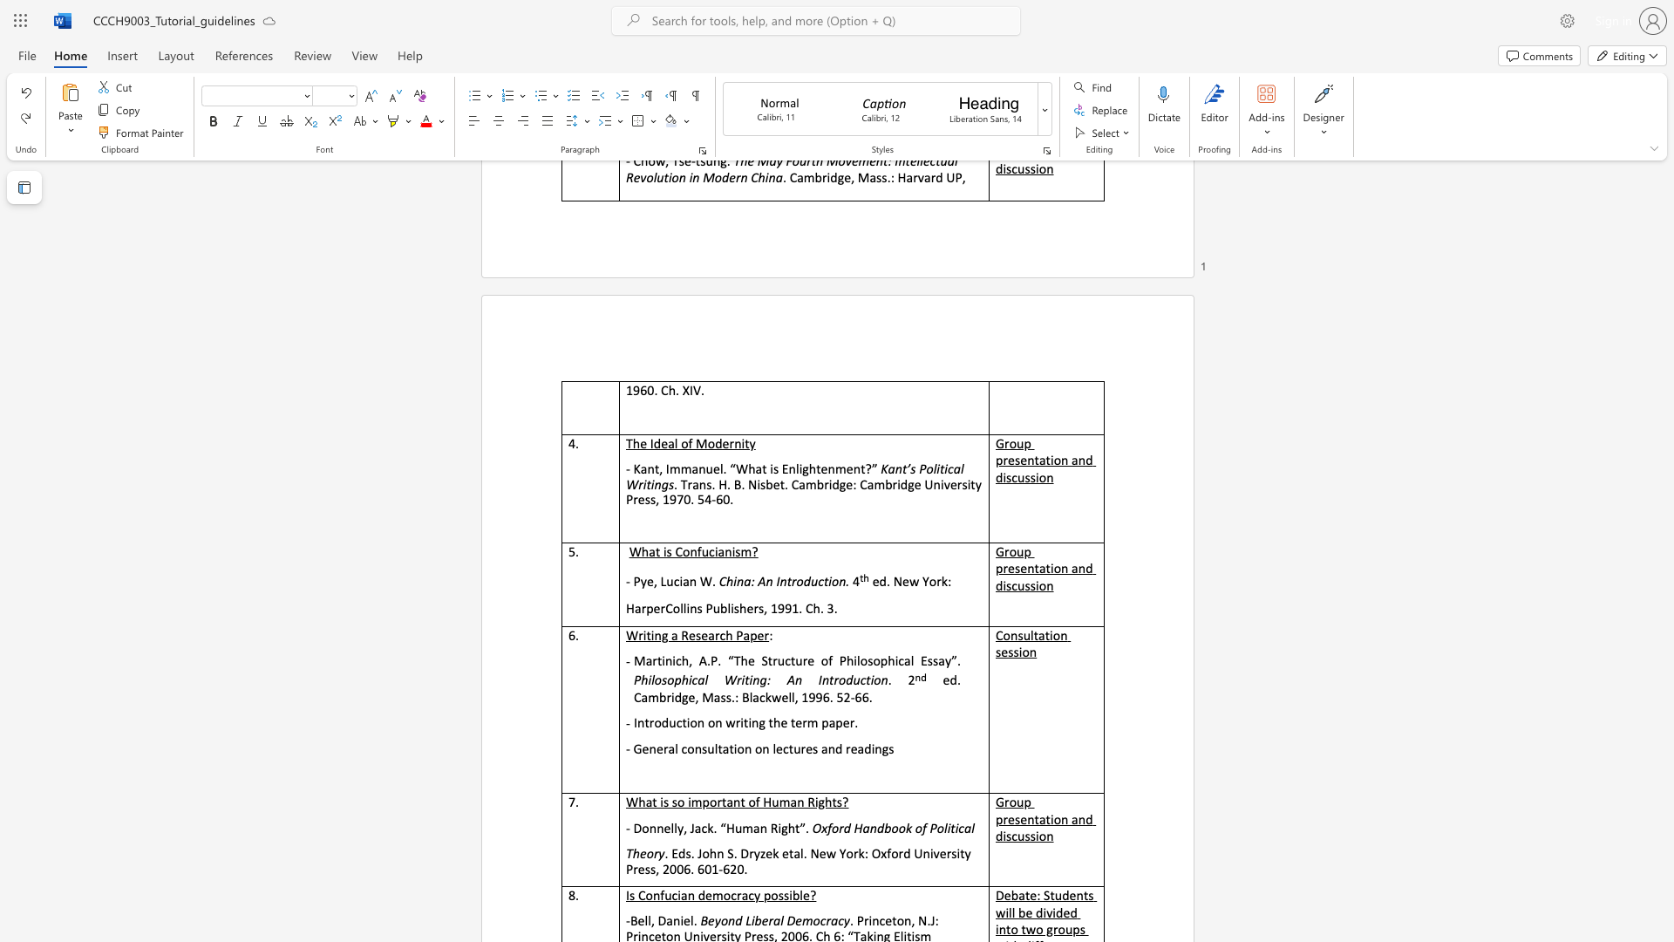  What do you see at coordinates (639, 581) in the screenshot?
I see `the subset text "ye" within the text "- Pye, Lucian W."` at bounding box center [639, 581].